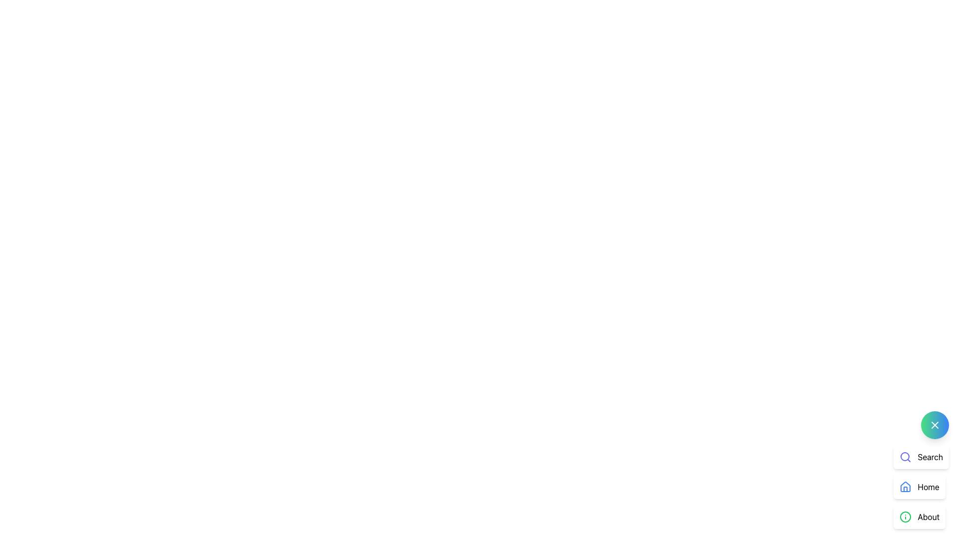 This screenshot has width=959, height=539. I want to click on the circular graphic element that is part of the 'info' icon within the 'About' menu option located in the bottom-right corner of the interface, so click(906, 517).